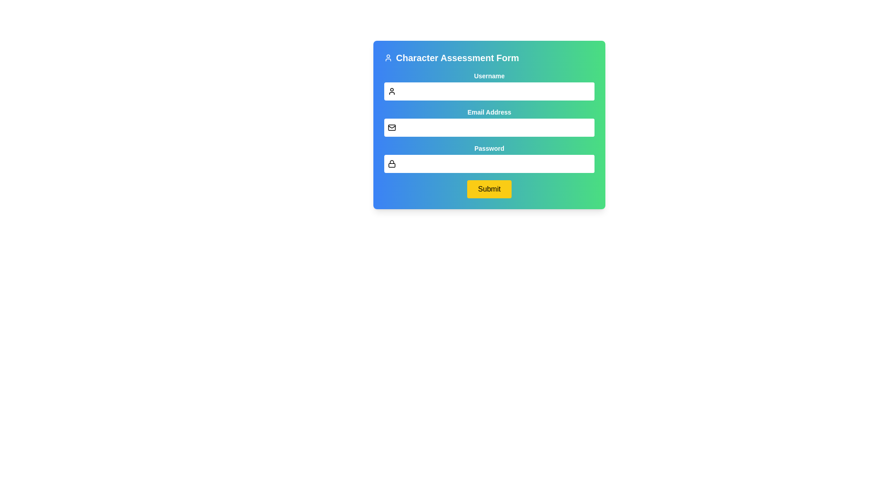 The height and width of the screenshot is (489, 870). Describe the element at coordinates (489, 158) in the screenshot. I see `the Password input field located below the 'Email Address' field to focus and type a password` at that location.